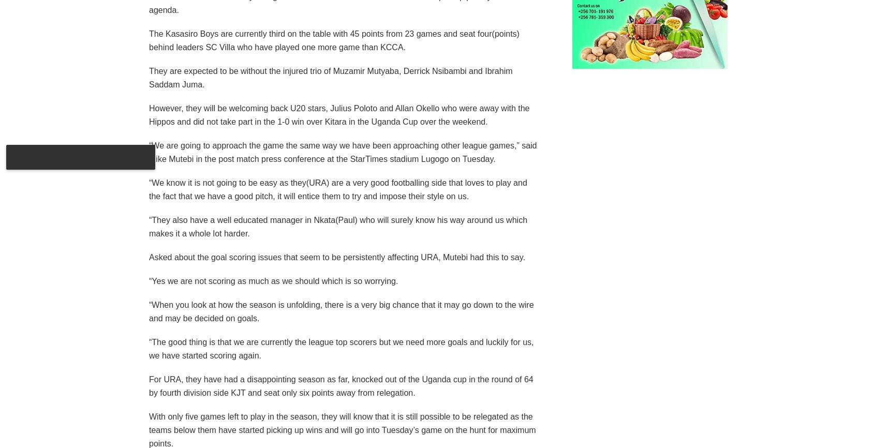 The height and width of the screenshot is (448, 888). What do you see at coordinates (337, 188) in the screenshot?
I see `'“We know it is not going to be easy as they(URA) are a very good footballing side that loves to play and the fact that we have a good pitch, it will entice them to try and impose their style on us.'` at bounding box center [337, 188].